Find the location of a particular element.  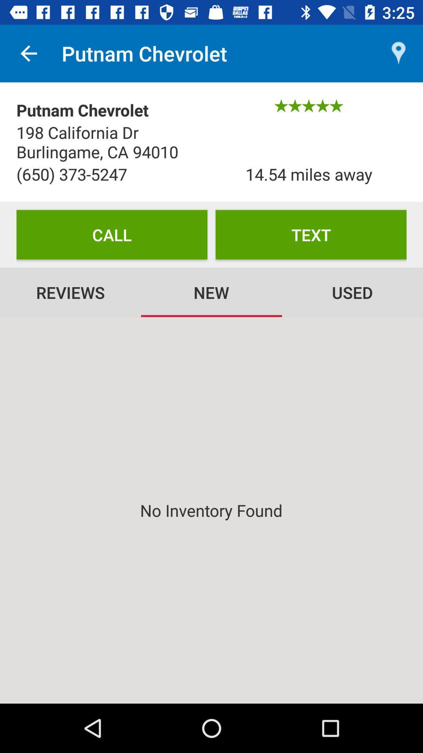

the icon above the reviews item is located at coordinates (112, 234).